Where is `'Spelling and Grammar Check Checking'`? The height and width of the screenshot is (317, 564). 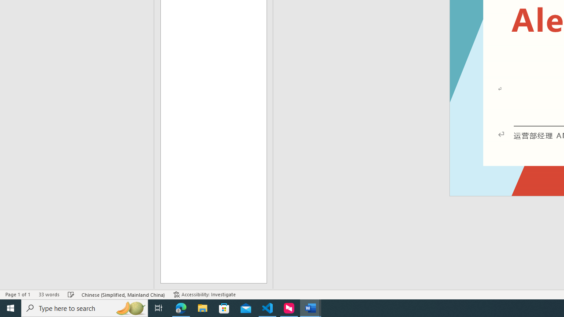 'Spelling and Grammar Check Checking' is located at coordinates (71, 295).